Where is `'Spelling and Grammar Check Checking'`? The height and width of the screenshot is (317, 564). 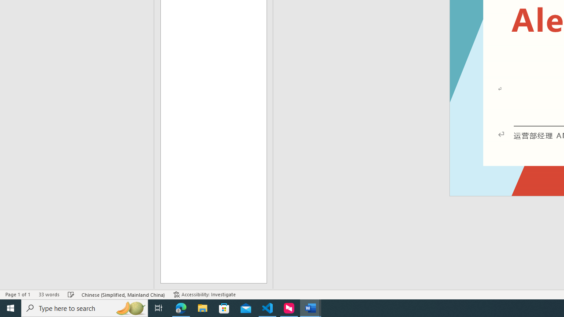 'Spelling and Grammar Check Checking' is located at coordinates (71, 295).